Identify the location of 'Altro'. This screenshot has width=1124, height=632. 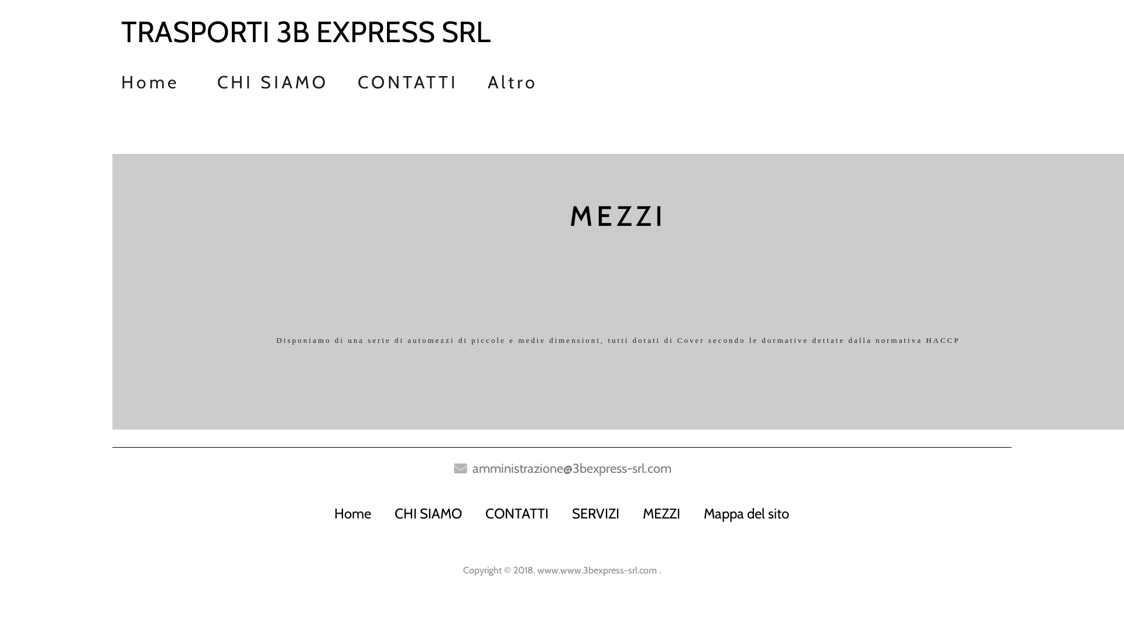
(512, 78).